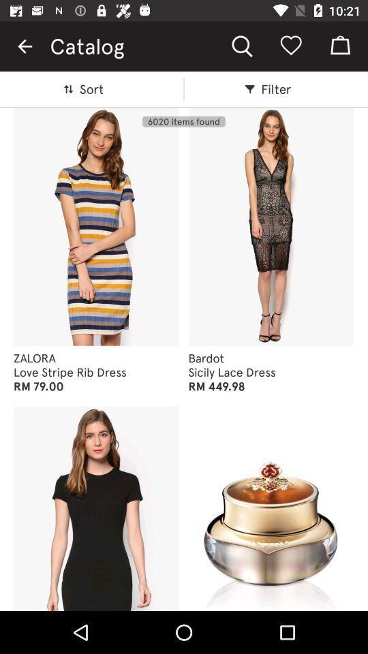 The image size is (368, 654). What do you see at coordinates (25, 46) in the screenshot?
I see `item next to the catalog item` at bounding box center [25, 46].